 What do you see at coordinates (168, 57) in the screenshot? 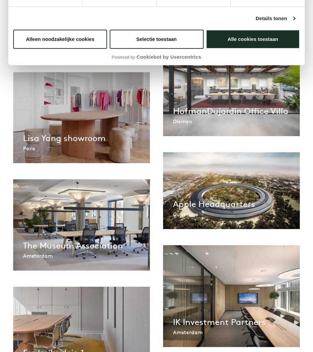
I see `'Cookiebot by Usercentrics'` at bounding box center [168, 57].